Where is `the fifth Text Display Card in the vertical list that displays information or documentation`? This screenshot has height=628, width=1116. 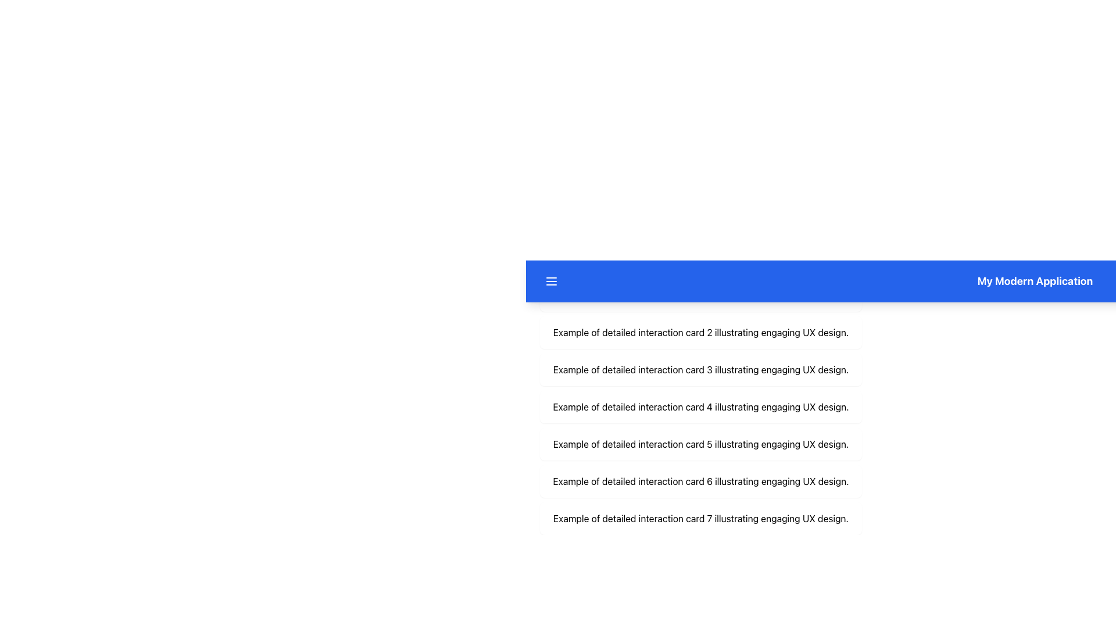
the fifth Text Display Card in the vertical list that displays information or documentation is located at coordinates (700, 444).